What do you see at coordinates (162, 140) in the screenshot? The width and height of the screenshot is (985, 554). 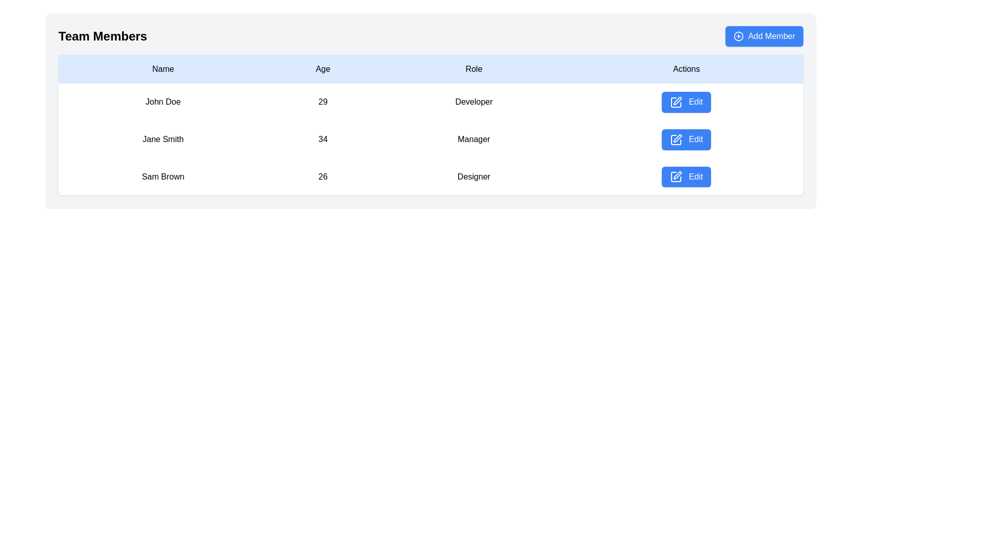 I see `the static text label displaying 'Jane Smith' located in the first cell of the second row under the 'Name' column of the table` at bounding box center [162, 140].